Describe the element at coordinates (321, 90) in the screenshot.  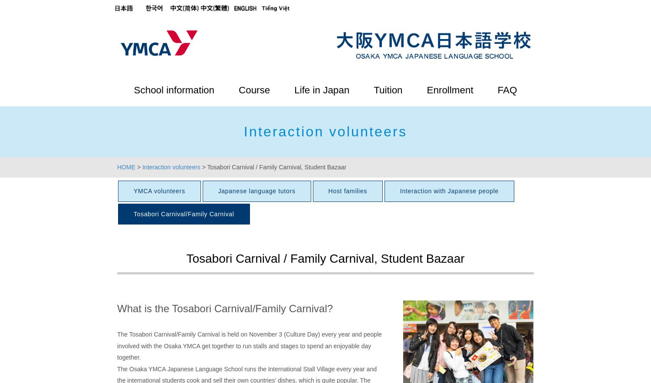
I see `'Life in Japan'` at that location.